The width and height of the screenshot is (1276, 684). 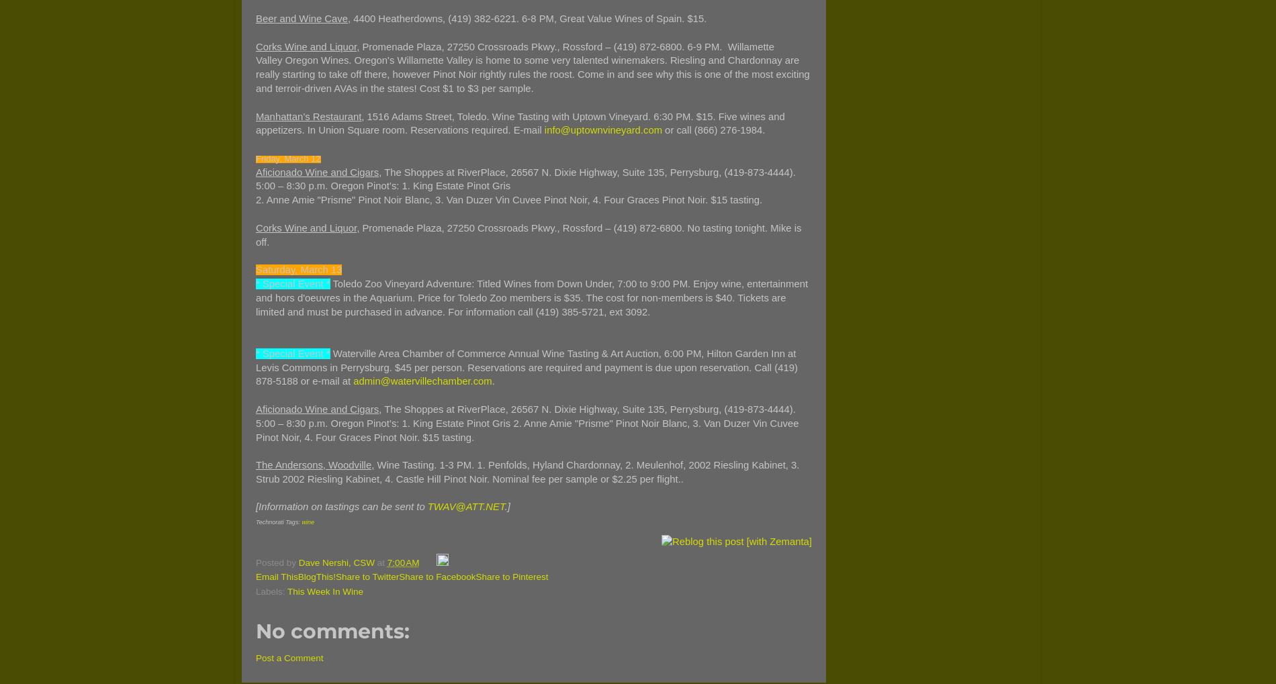 What do you see at coordinates (525, 179) in the screenshot?
I see `', The Shoppes at RiverPlace, 26567 N. Dixie Highway, Suite 135, Perrysburg, (419-873-4444). 5:00 – 8:30 p.m. Oregon Pinot’s: 1. King Estate Pinot Gris'` at bounding box center [525, 179].